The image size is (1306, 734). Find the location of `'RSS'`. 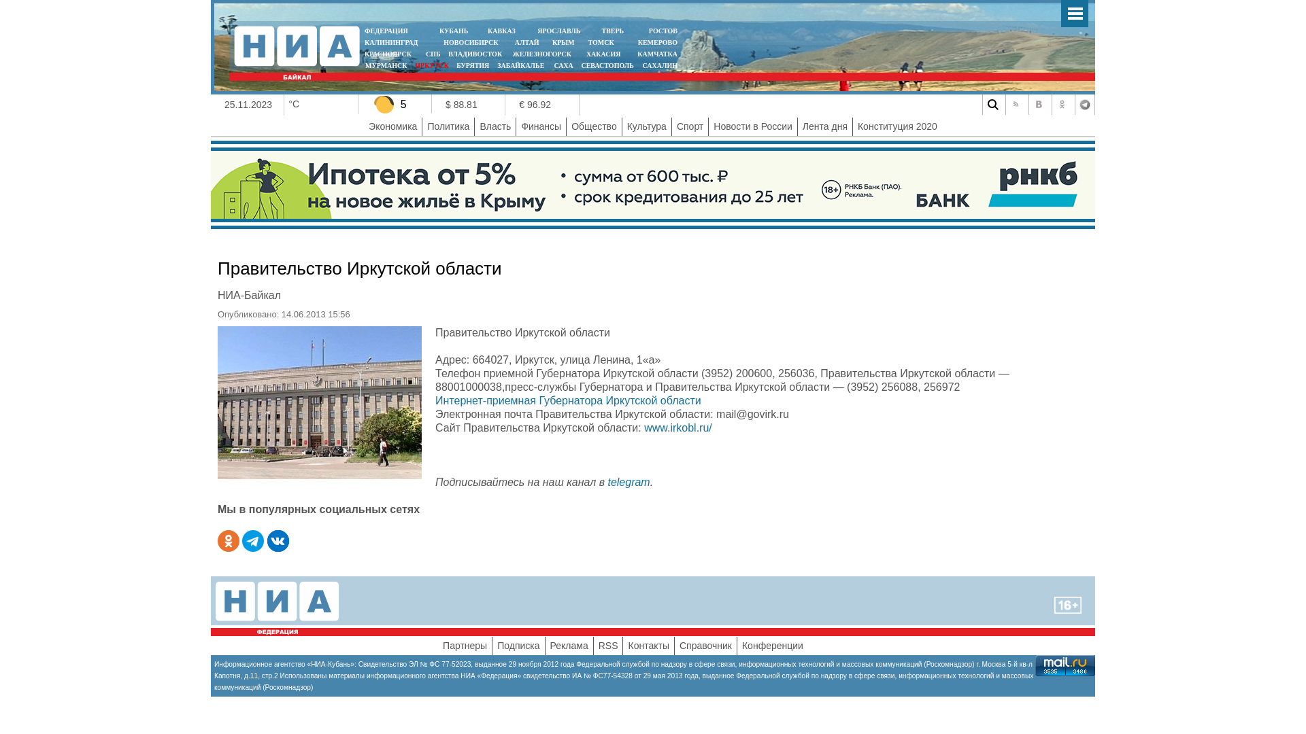

'RSS' is located at coordinates (598, 644).